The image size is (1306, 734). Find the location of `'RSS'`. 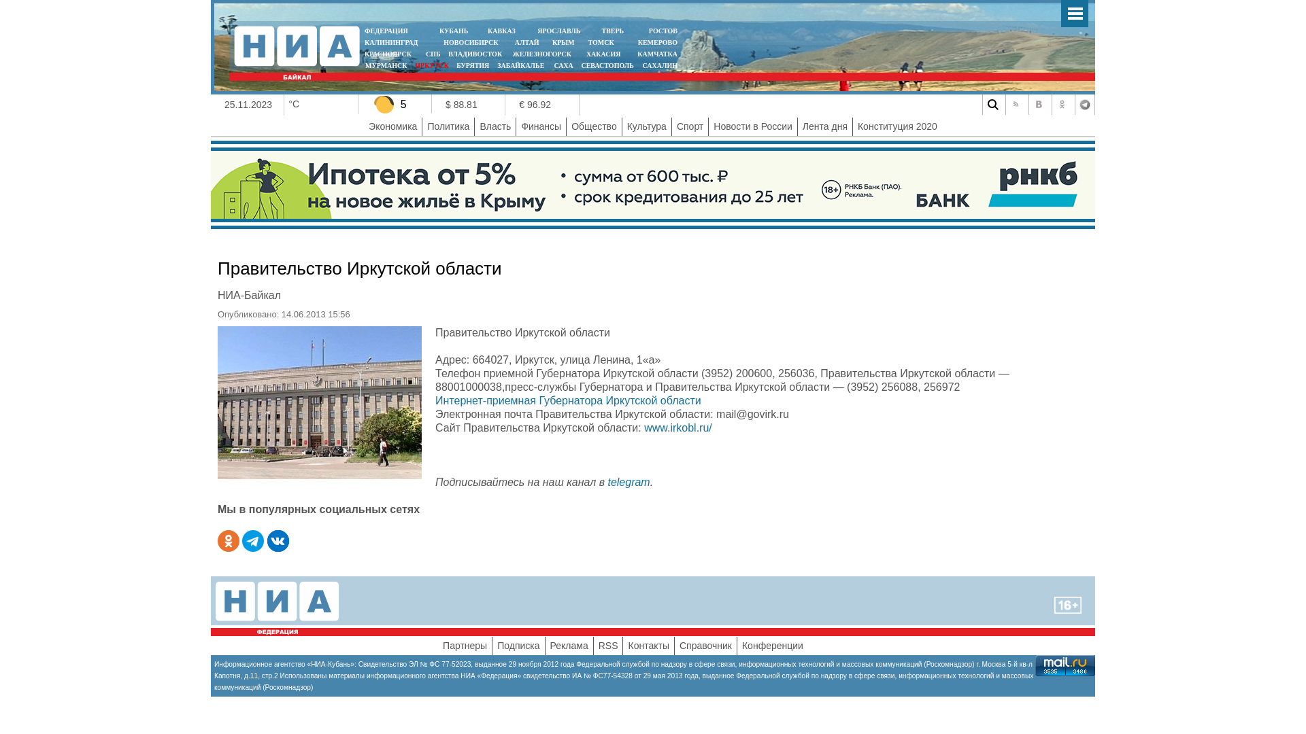

'RSS' is located at coordinates (598, 644).